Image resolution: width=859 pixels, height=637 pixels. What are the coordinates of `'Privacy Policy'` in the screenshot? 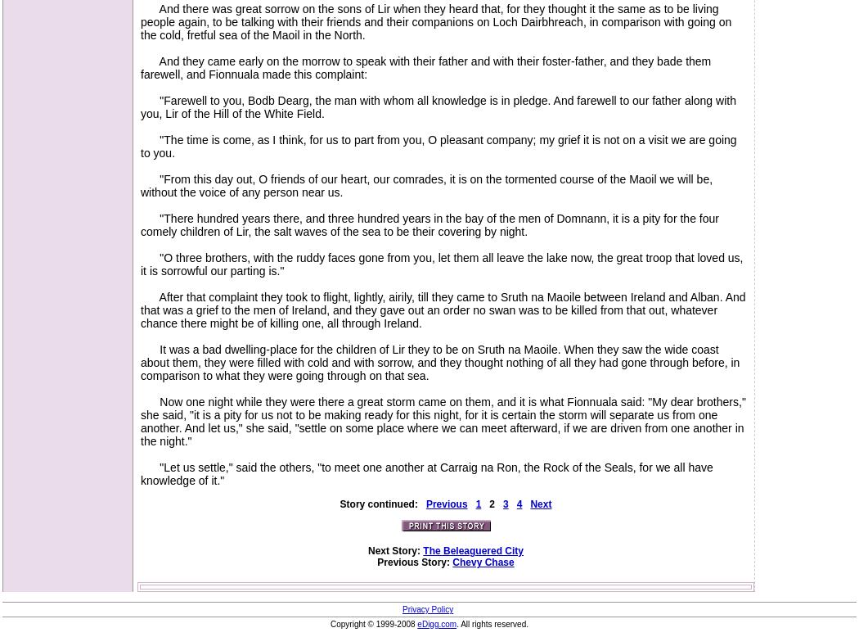 It's located at (426, 608).